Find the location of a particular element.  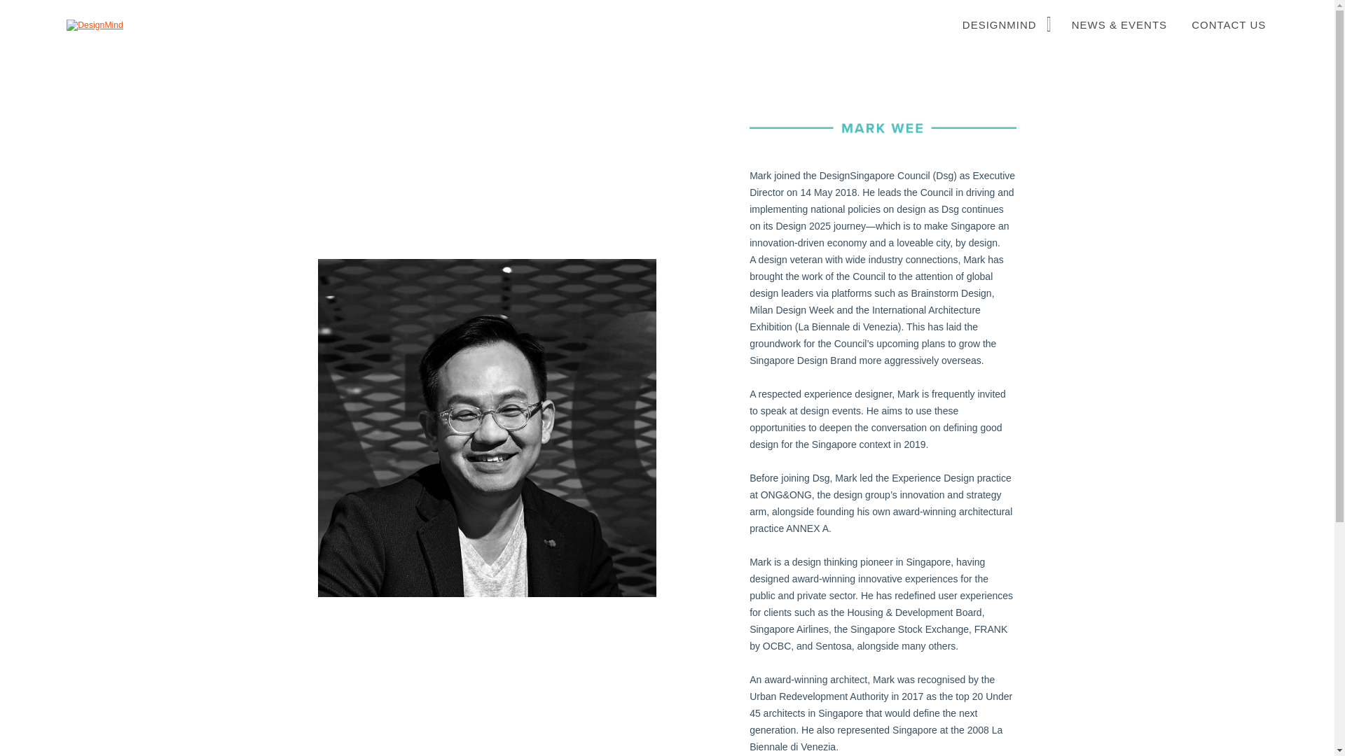

'CONTACT US' is located at coordinates (1228, 24).